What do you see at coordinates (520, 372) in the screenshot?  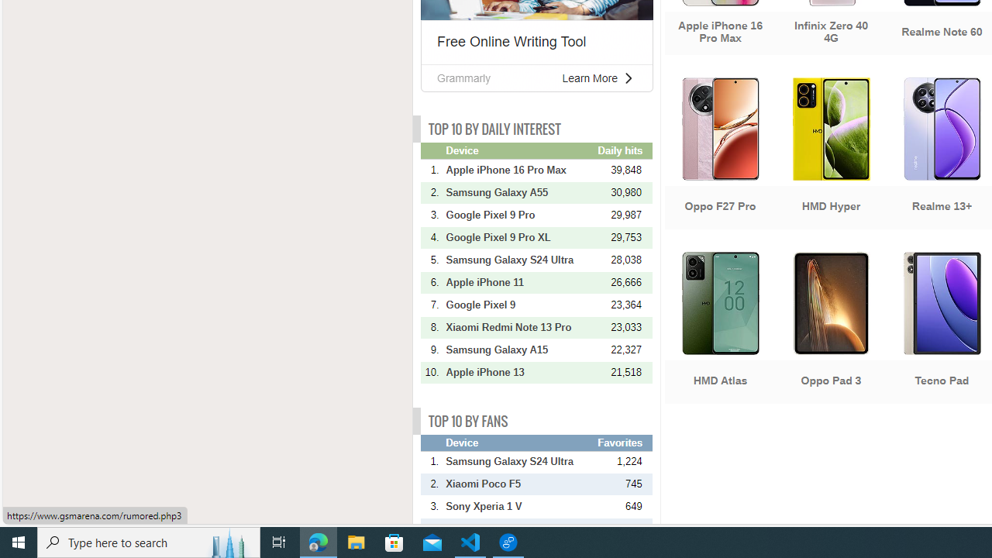 I see `'Apple iPhone 13'` at bounding box center [520, 372].